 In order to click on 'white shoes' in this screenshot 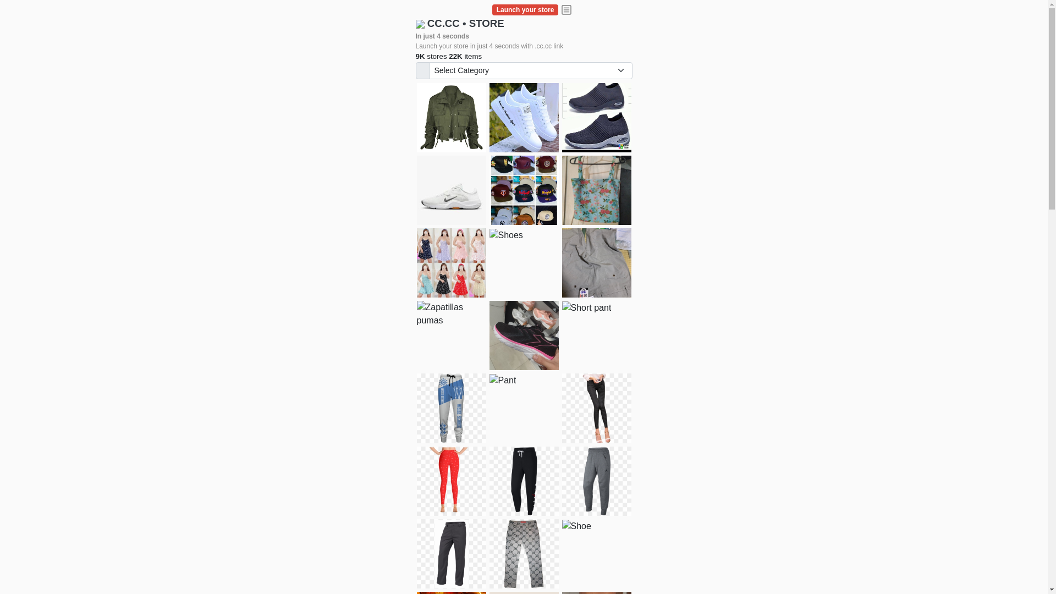, I will do `click(524, 117)`.